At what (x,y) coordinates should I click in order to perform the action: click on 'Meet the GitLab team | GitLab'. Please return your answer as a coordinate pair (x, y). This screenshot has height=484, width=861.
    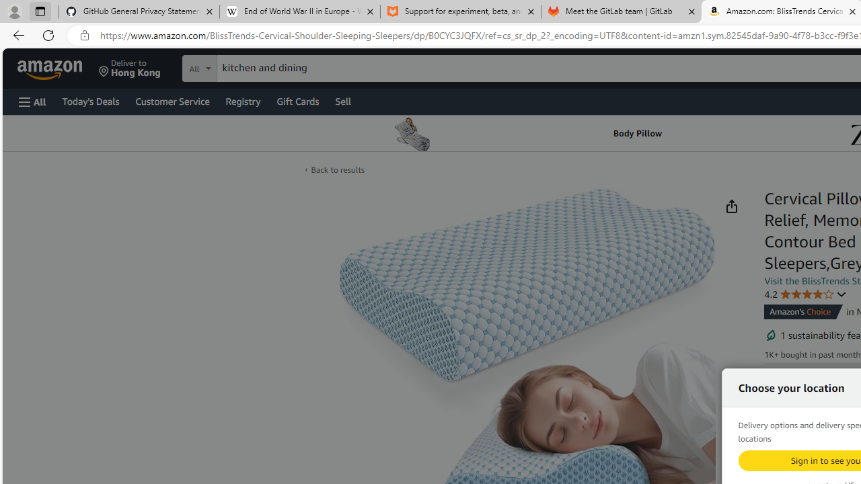
    Looking at the image, I should click on (621, 11).